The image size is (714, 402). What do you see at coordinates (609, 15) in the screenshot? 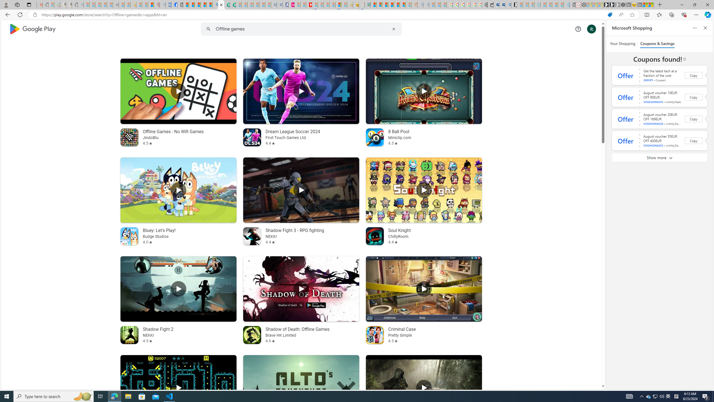
I see `'This site has coupons! Shopping in Microsoft Edge'` at bounding box center [609, 15].